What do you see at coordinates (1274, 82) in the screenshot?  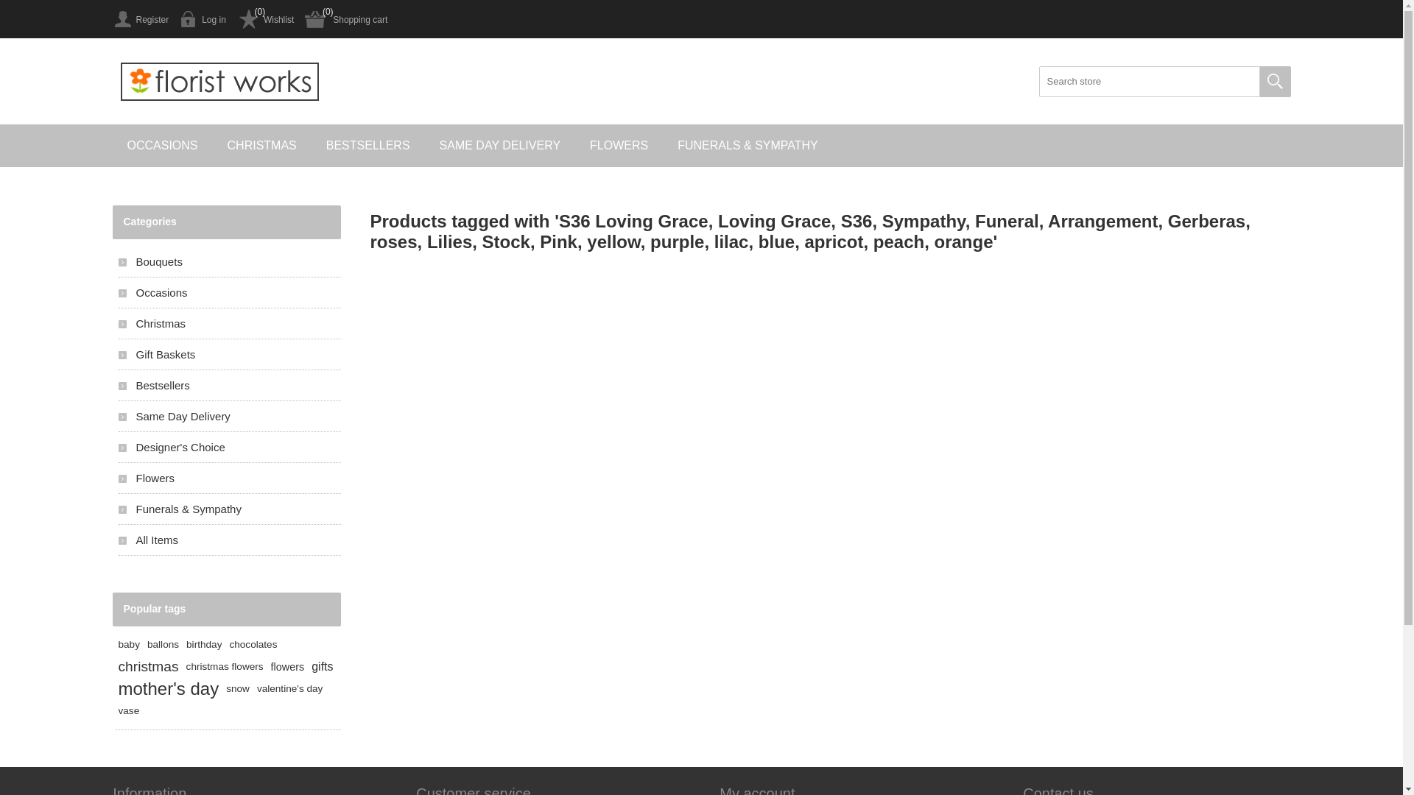 I see `'Search'` at bounding box center [1274, 82].